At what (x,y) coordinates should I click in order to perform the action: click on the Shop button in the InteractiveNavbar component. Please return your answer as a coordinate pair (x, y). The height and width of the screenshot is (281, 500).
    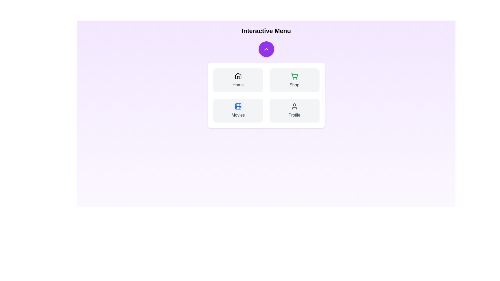
    Looking at the image, I should click on (294, 80).